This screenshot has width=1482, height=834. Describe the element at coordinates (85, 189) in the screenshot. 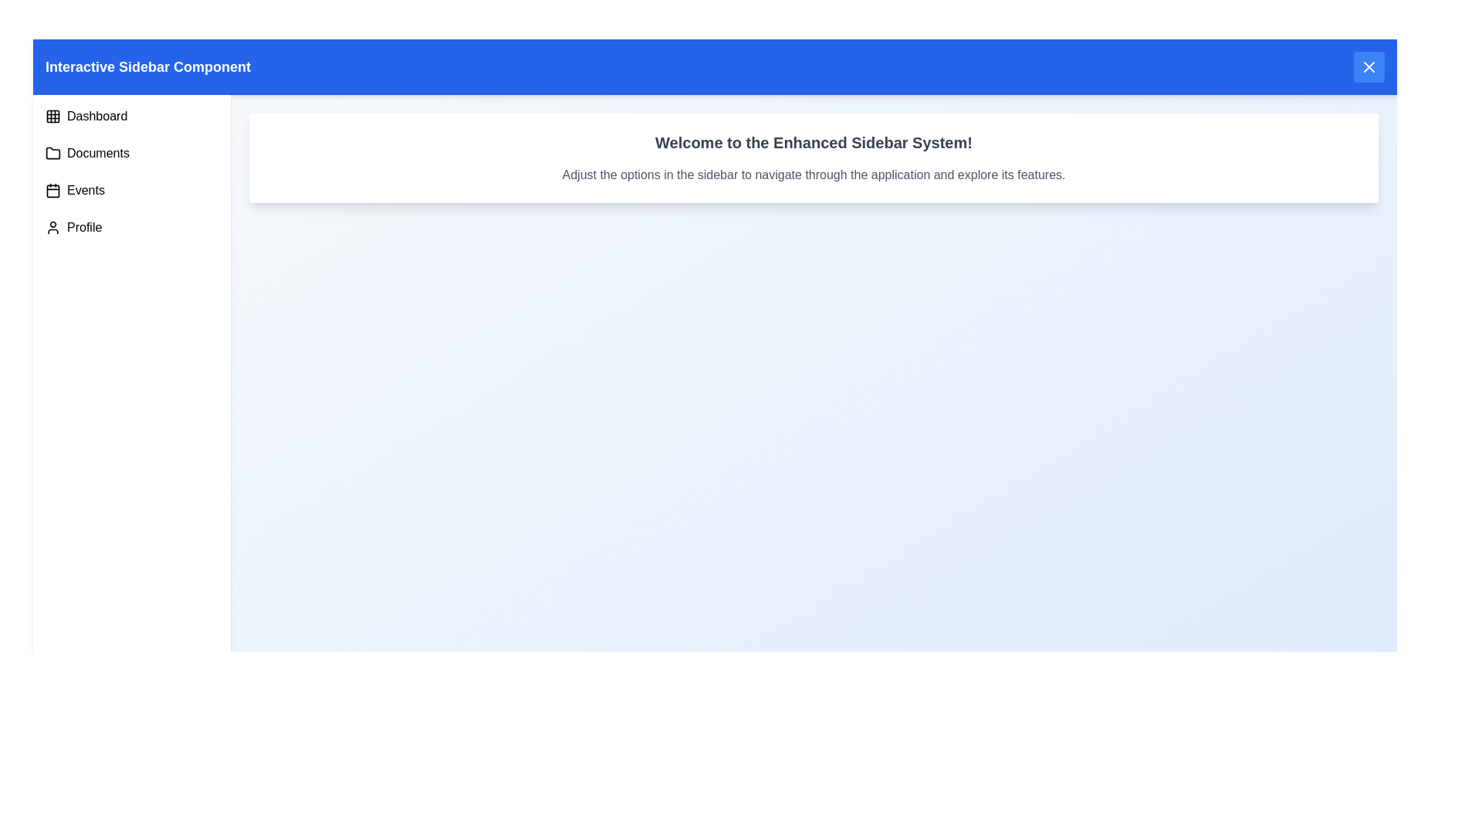

I see `the 'Events' text label located in the vertical sidebar menu` at that location.